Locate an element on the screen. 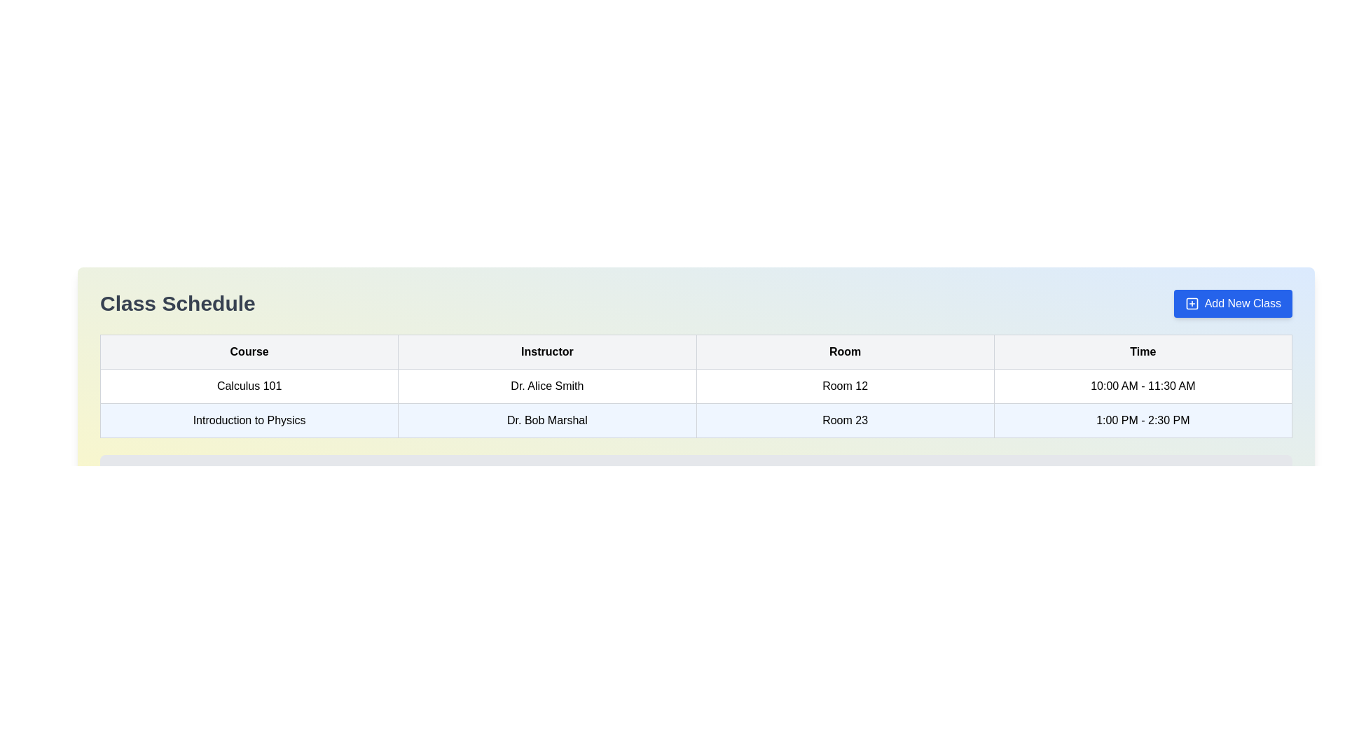  the table cell displaying 'Introduction to Physics' is located at coordinates (249, 420).